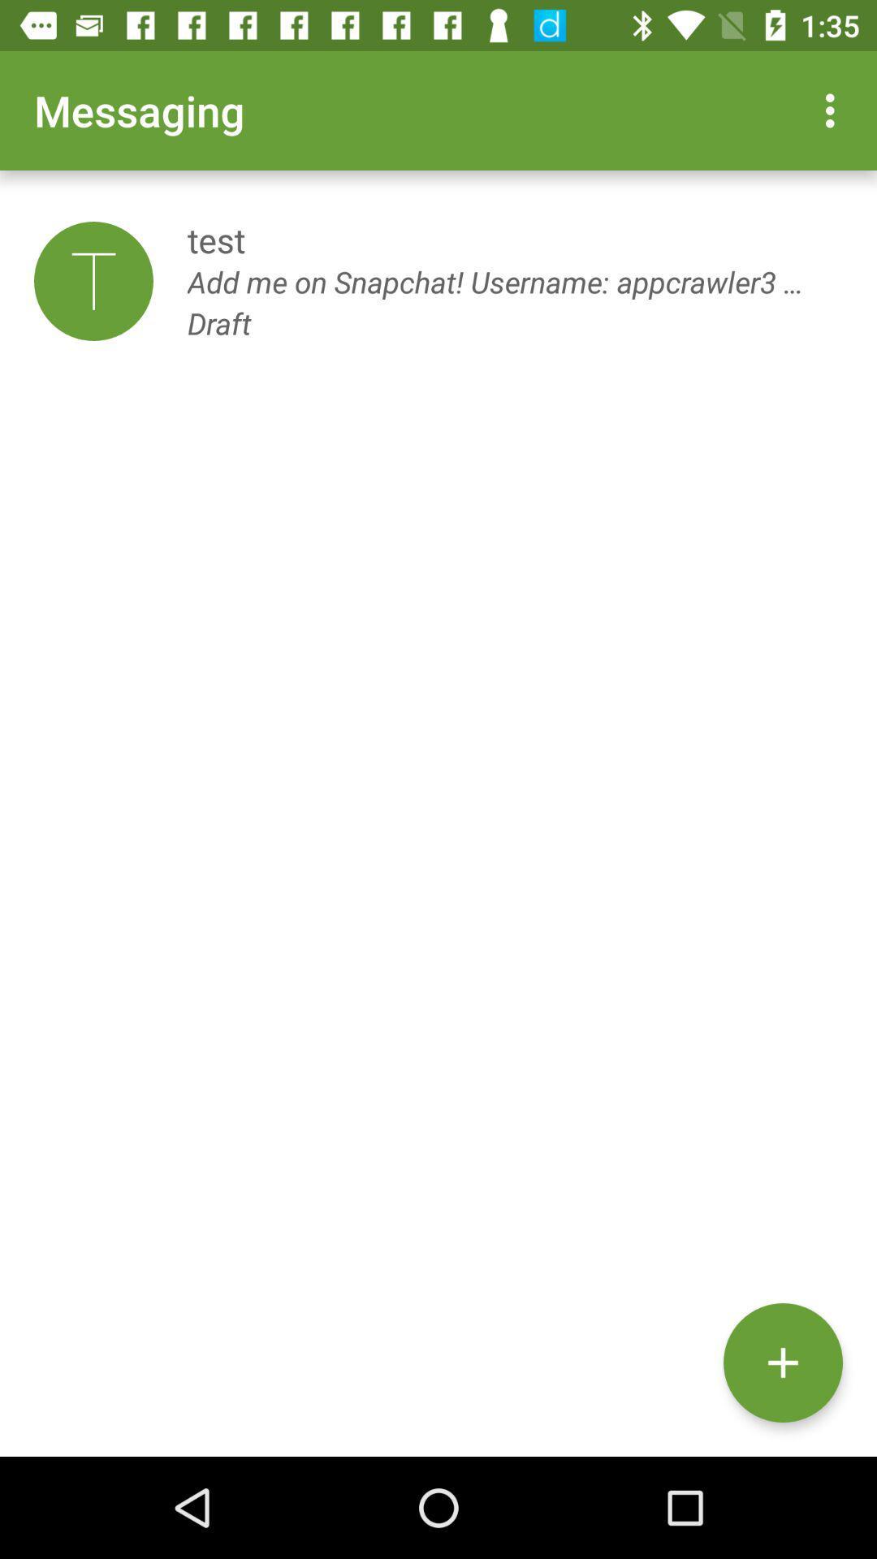 This screenshot has height=1559, width=877. Describe the element at coordinates (834, 110) in the screenshot. I see `app to the right of messaging icon` at that location.